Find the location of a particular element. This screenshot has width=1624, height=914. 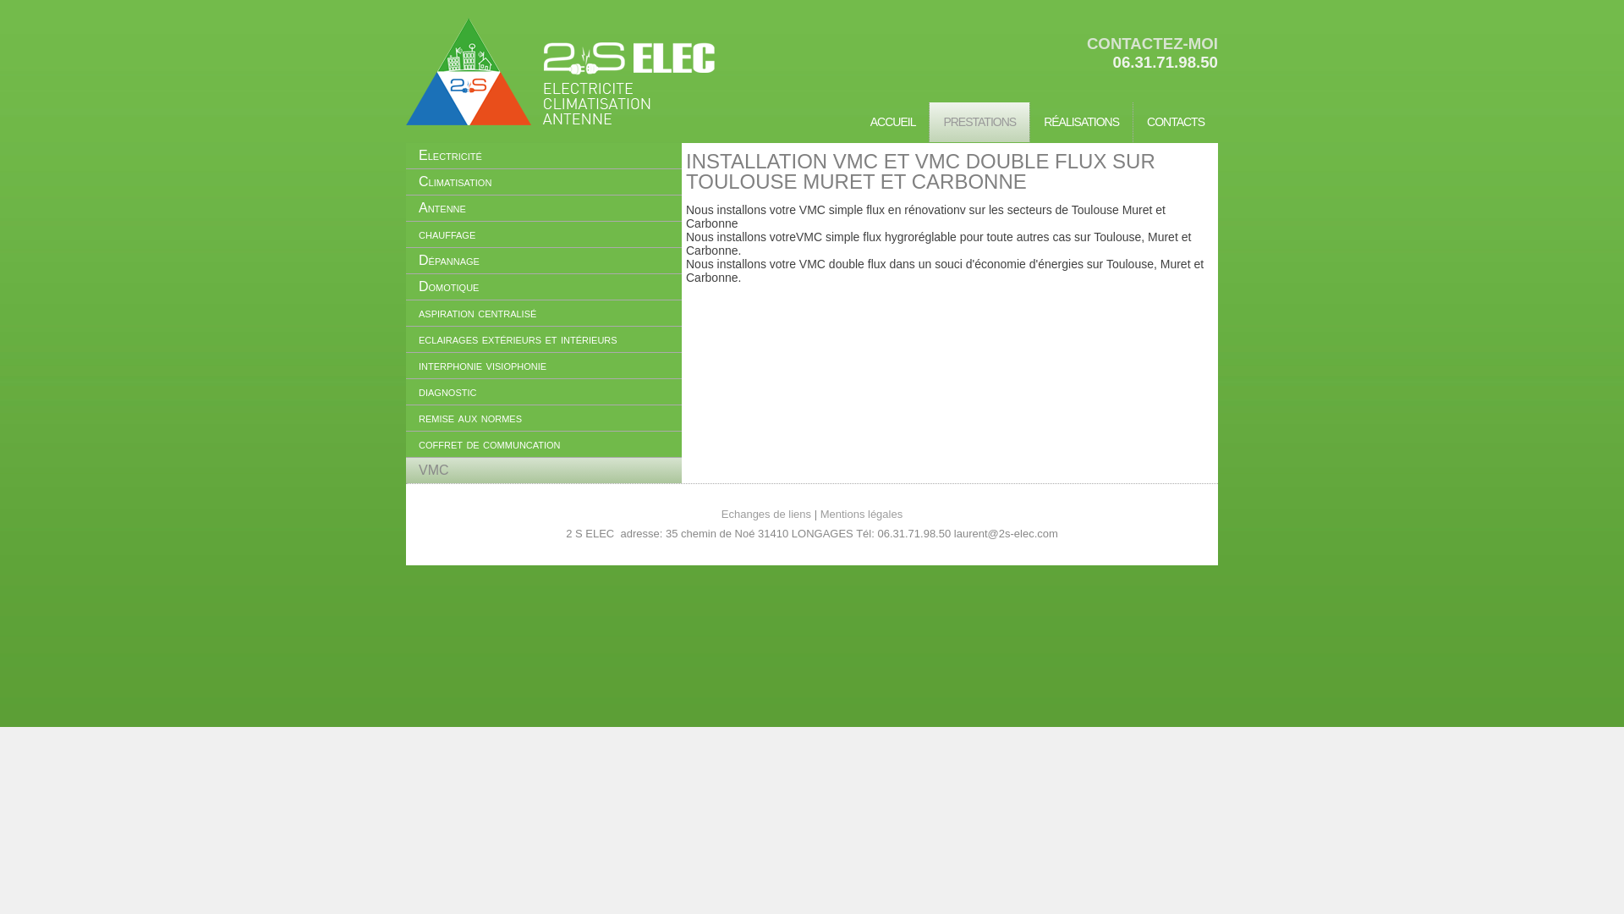

'Antenne' is located at coordinates (544, 207).